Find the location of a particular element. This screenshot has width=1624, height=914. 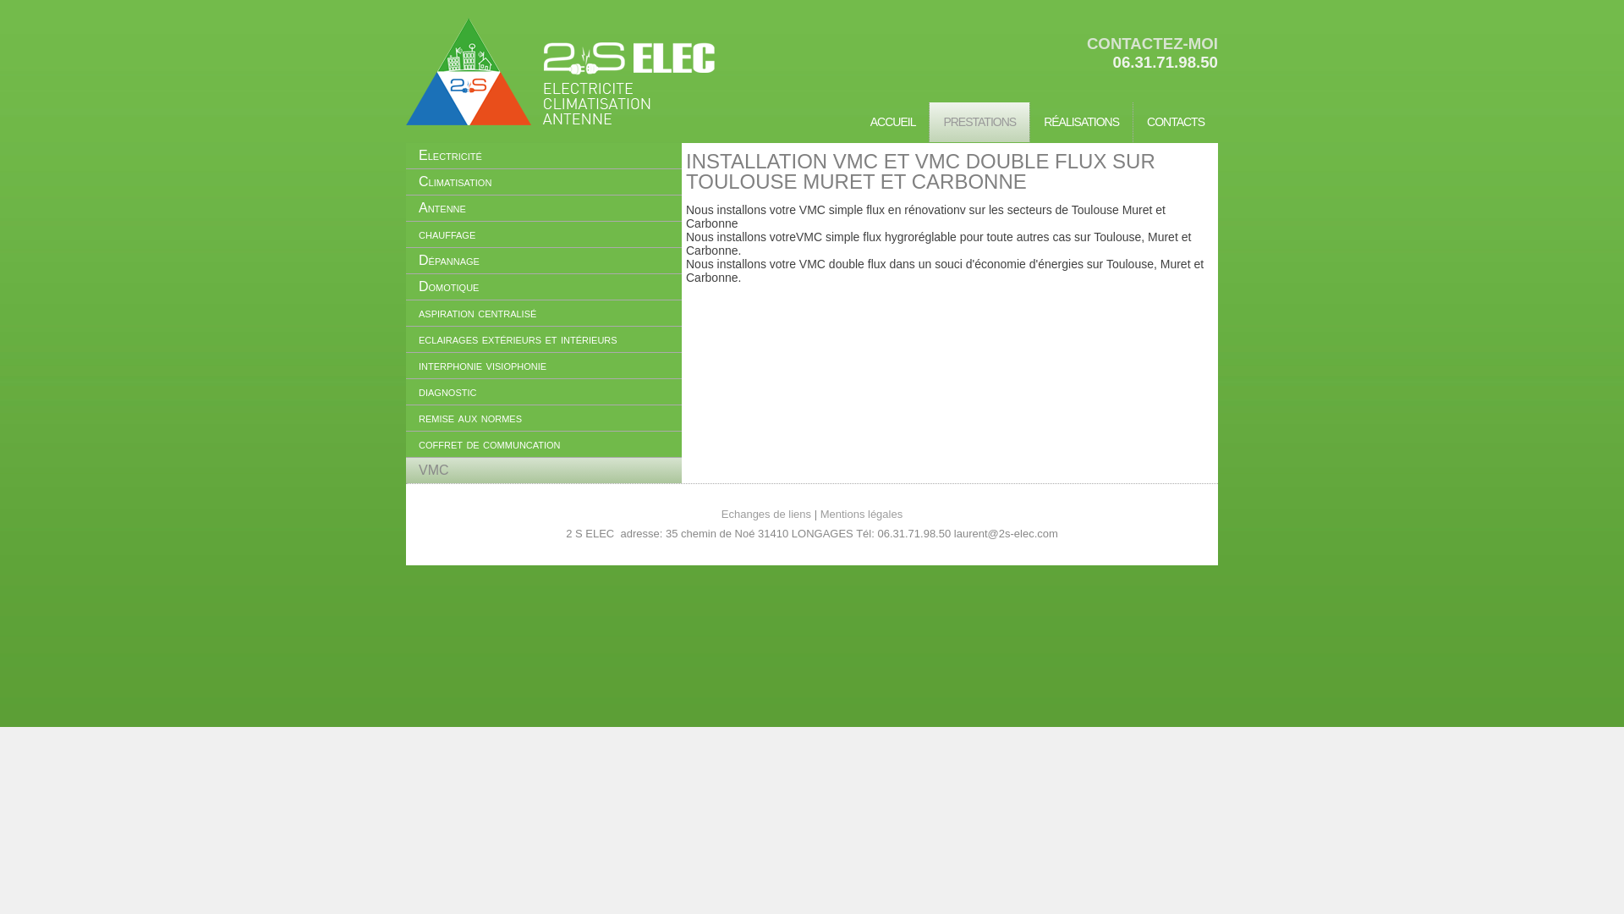

'Antenne' is located at coordinates (544, 207).